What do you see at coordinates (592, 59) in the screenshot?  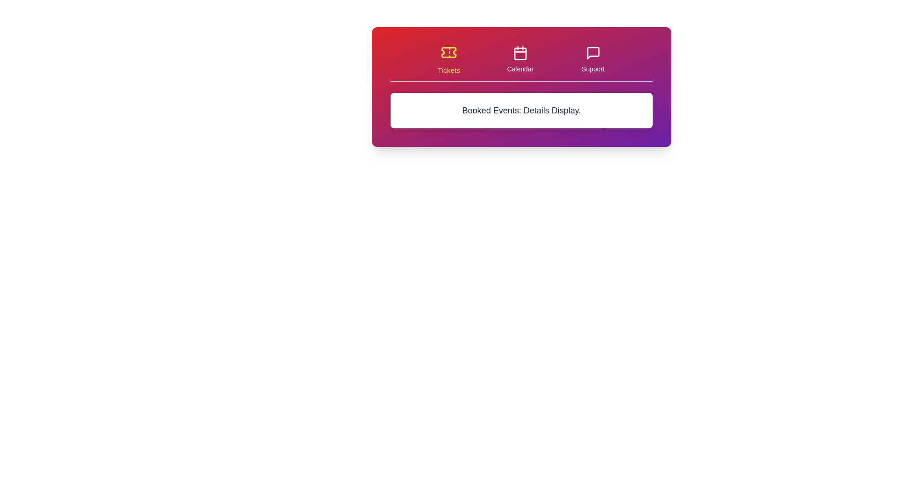 I see `the tab labeled Support to view its hover effect` at bounding box center [592, 59].